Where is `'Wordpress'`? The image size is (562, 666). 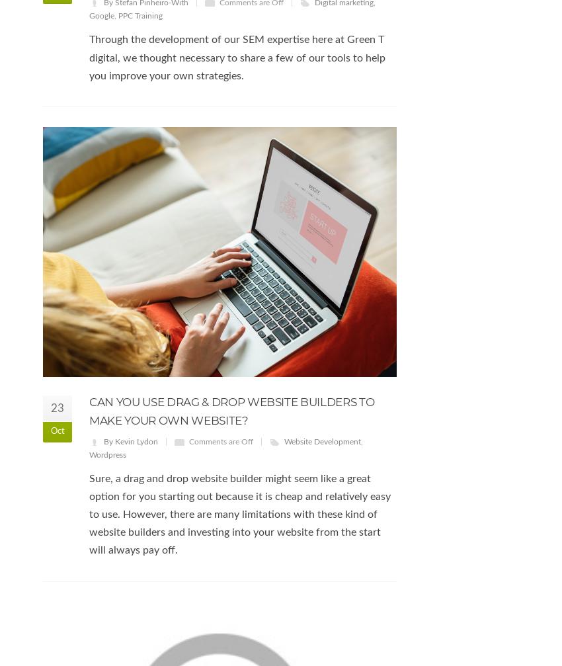 'Wordpress' is located at coordinates (89, 453).